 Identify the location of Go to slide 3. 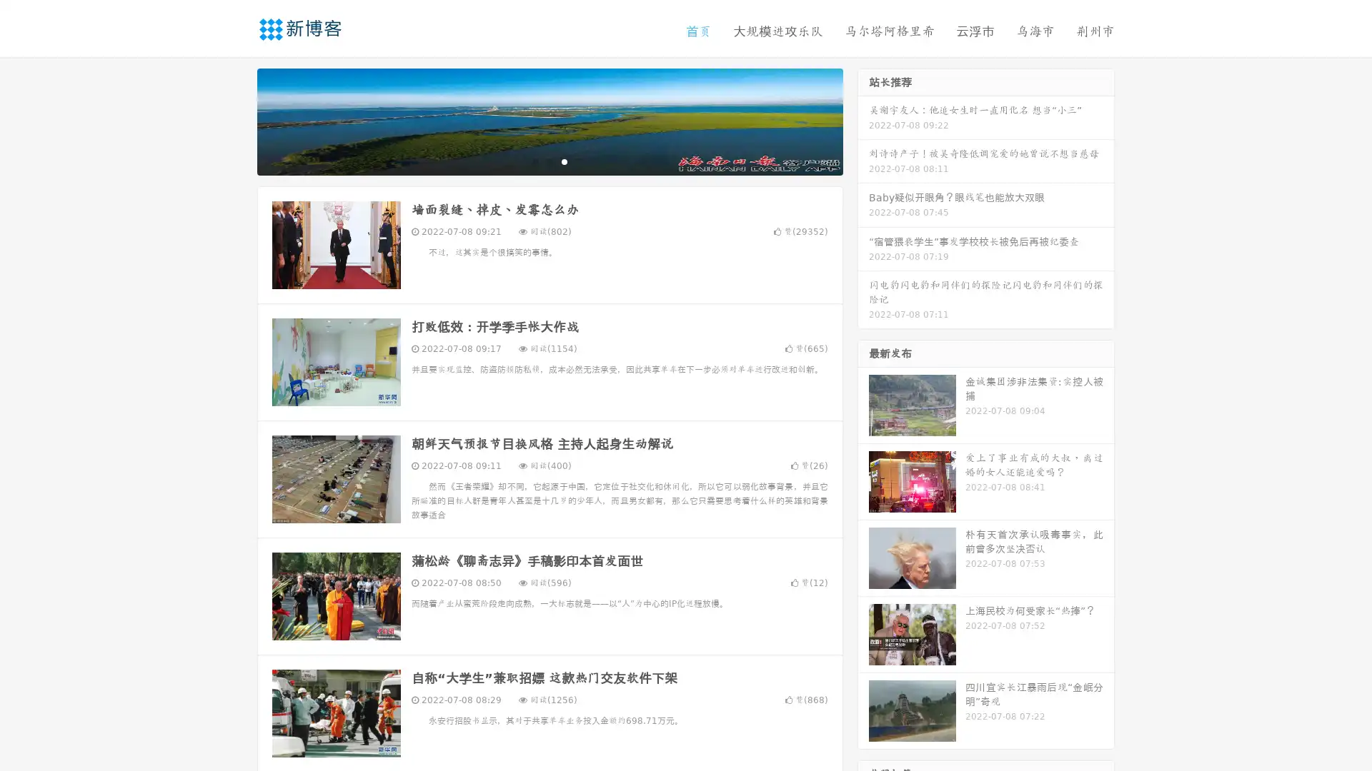
(564, 161).